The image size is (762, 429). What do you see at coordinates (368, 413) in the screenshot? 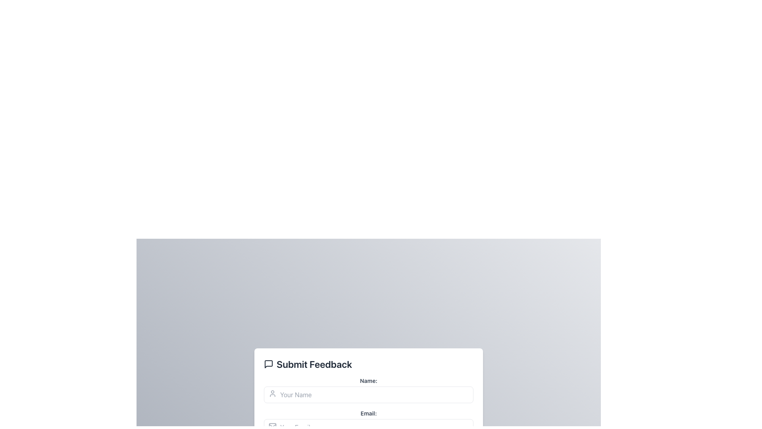
I see `label displaying 'Email:' which is styled in gray color and positioned above the email input field in the 'Submit Feedback' form section` at bounding box center [368, 413].